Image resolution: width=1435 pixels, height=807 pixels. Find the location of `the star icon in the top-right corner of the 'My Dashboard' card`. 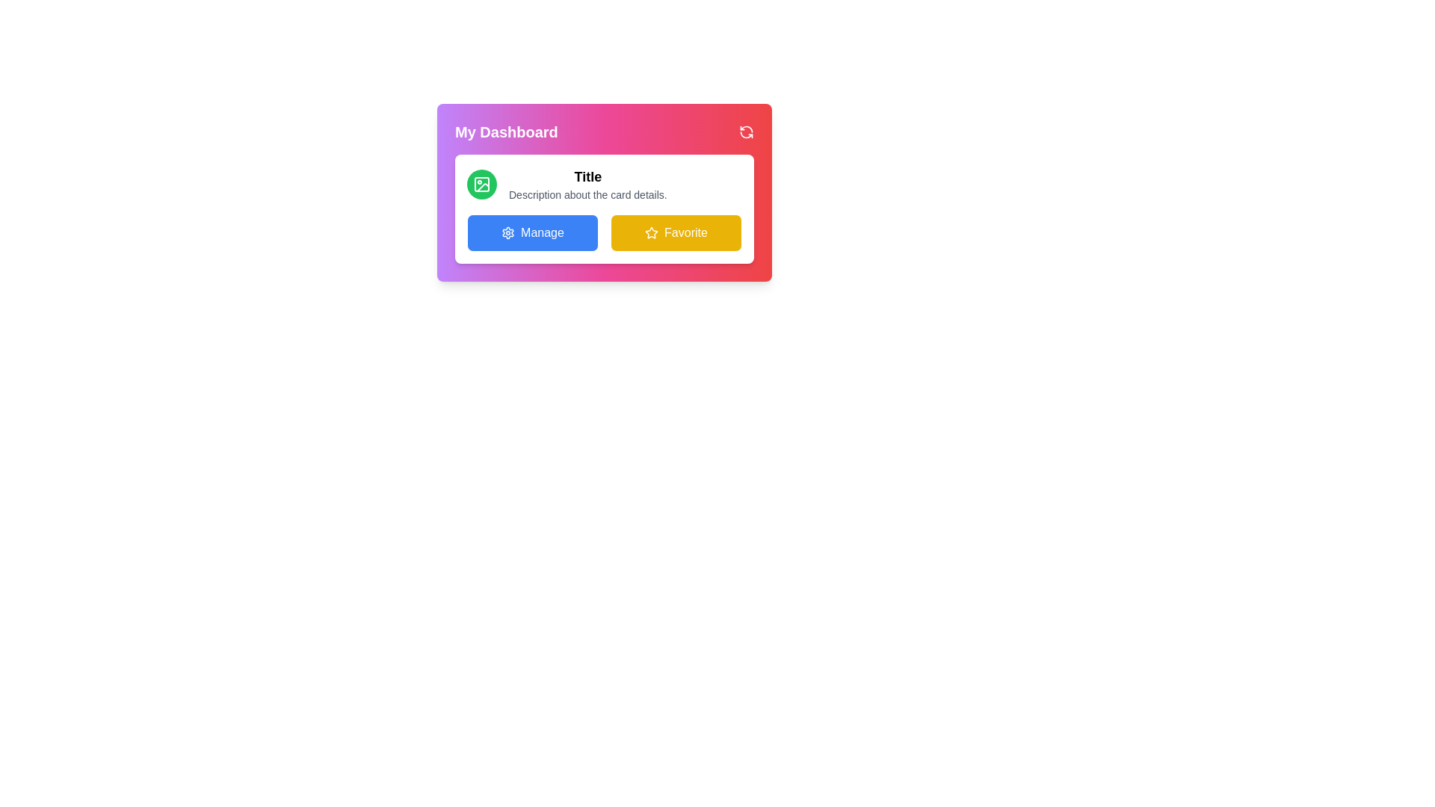

the star icon in the top-right corner of the 'My Dashboard' card is located at coordinates (652, 232).